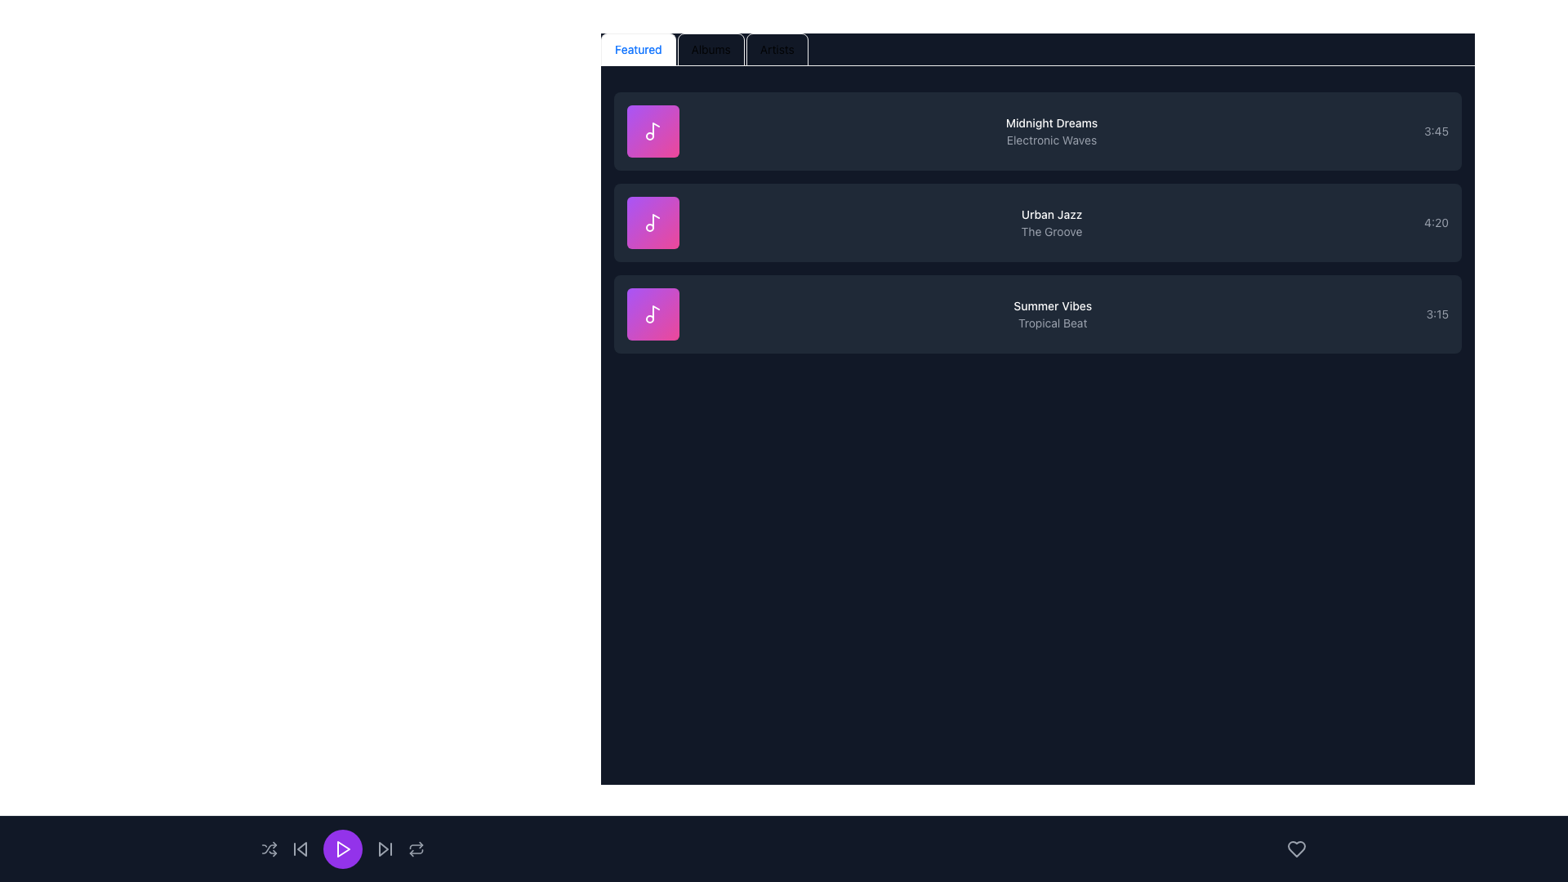 The width and height of the screenshot is (1568, 882). I want to click on the shuffle mode button located in the bottom-left section of the interface, so click(269, 849).